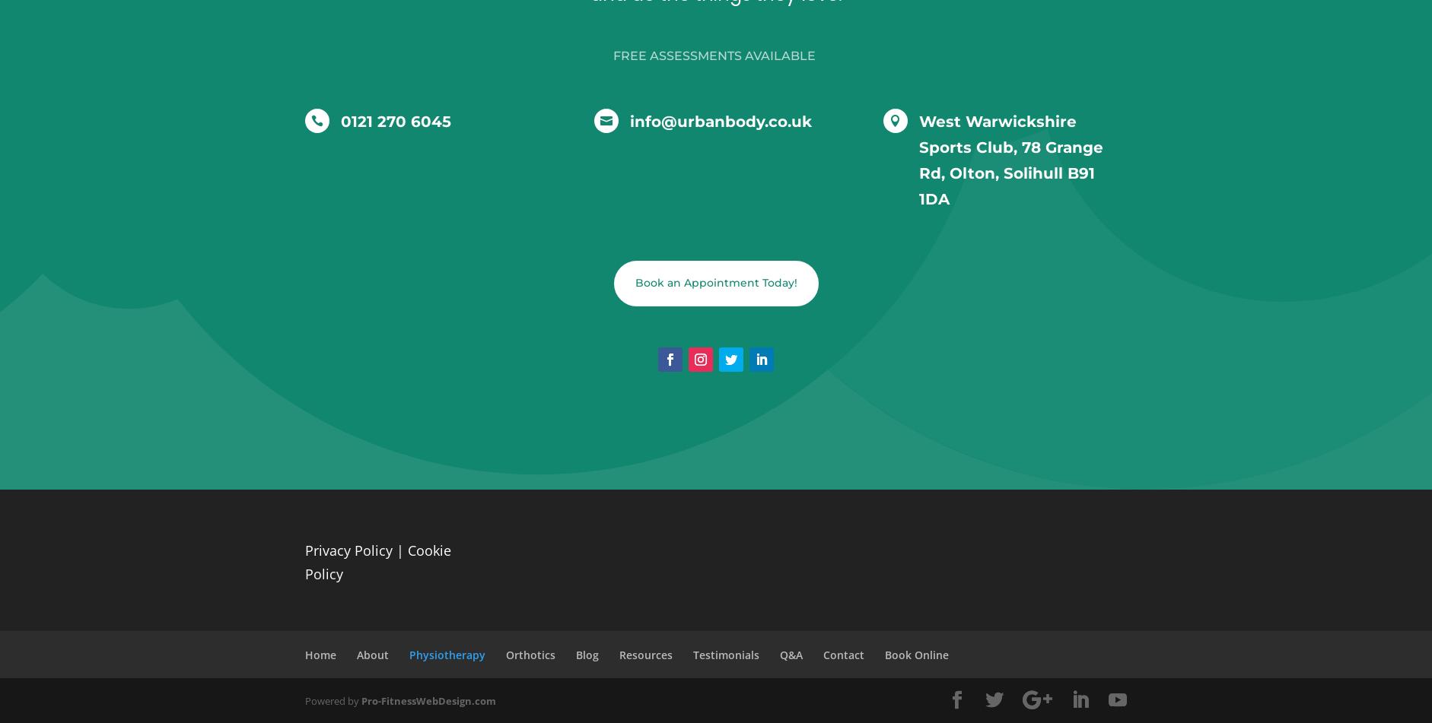  Describe the element at coordinates (885, 653) in the screenshot. I see `'Book Online'` at that location.